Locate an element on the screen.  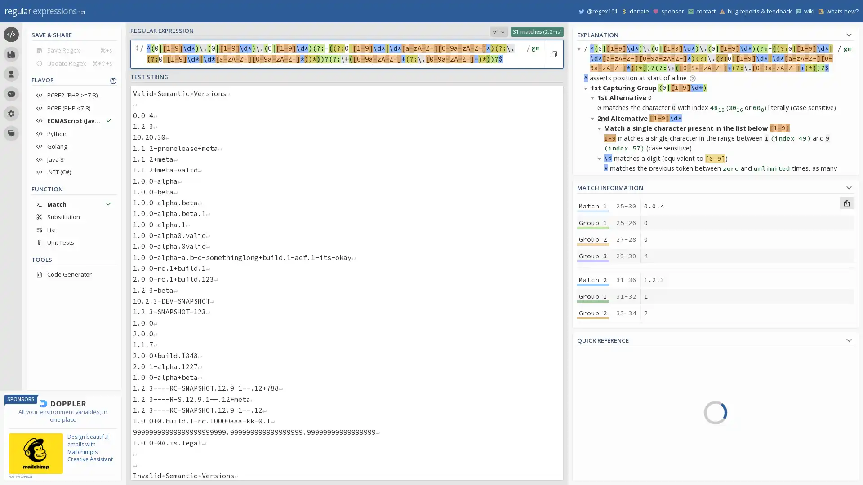
Group 2 is located at coordinates (593, 313).